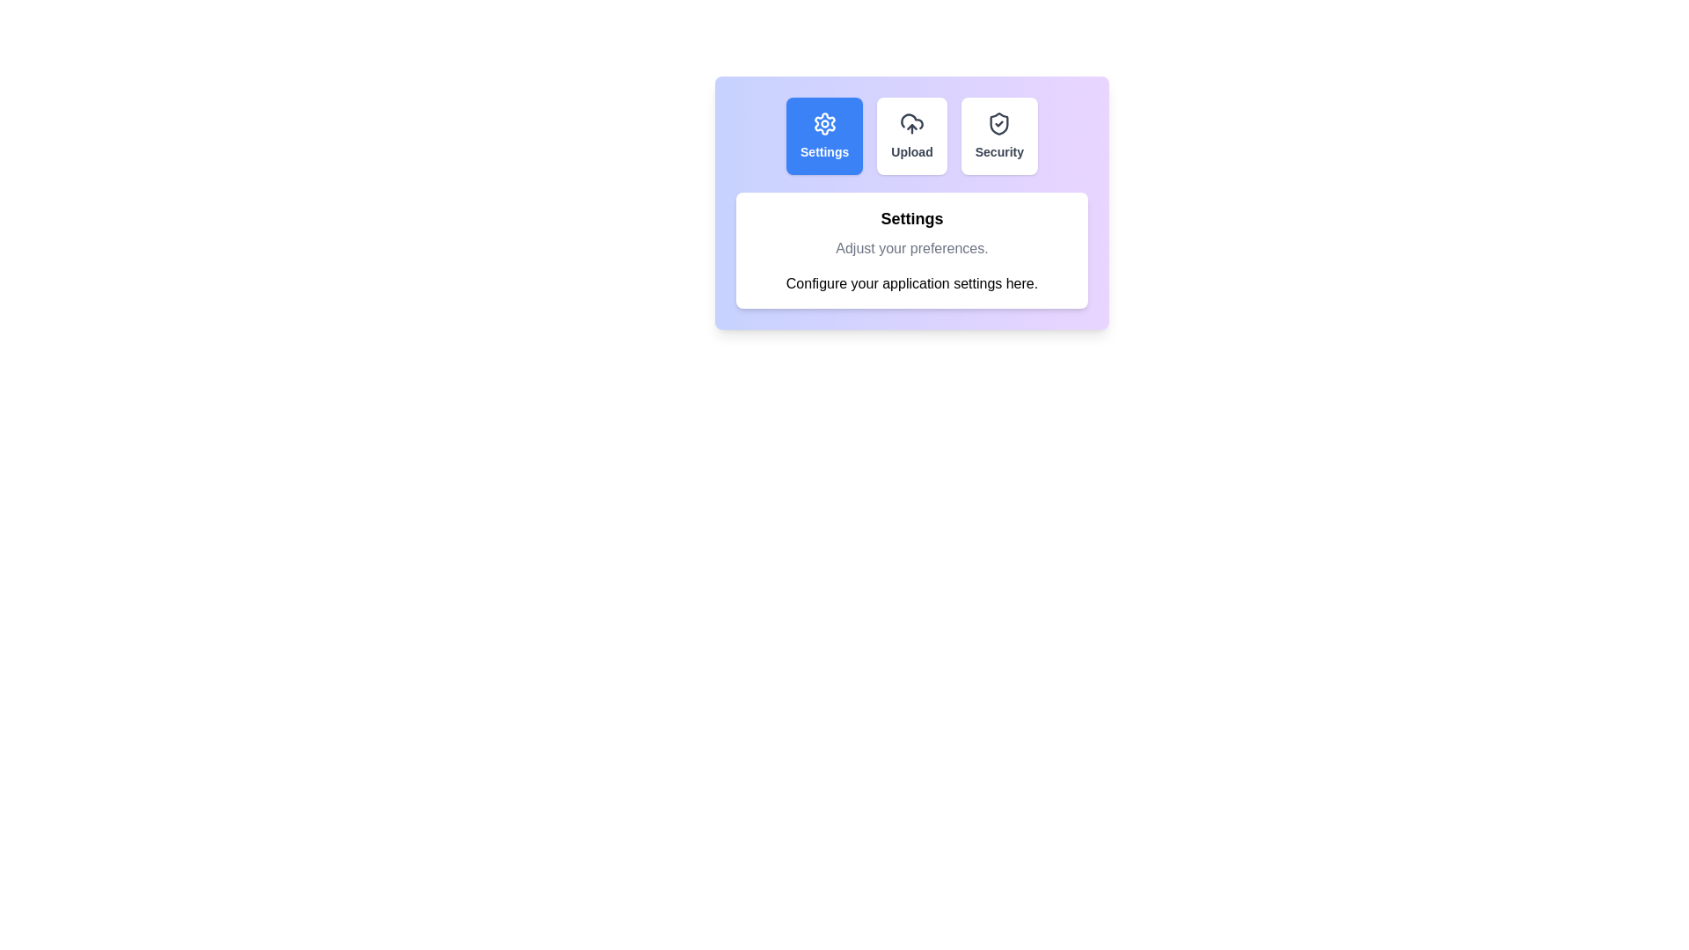  Describe the element at coordinates (823, 135) in the screenshot. I see `the Settings tab by clicking on it` at that location.